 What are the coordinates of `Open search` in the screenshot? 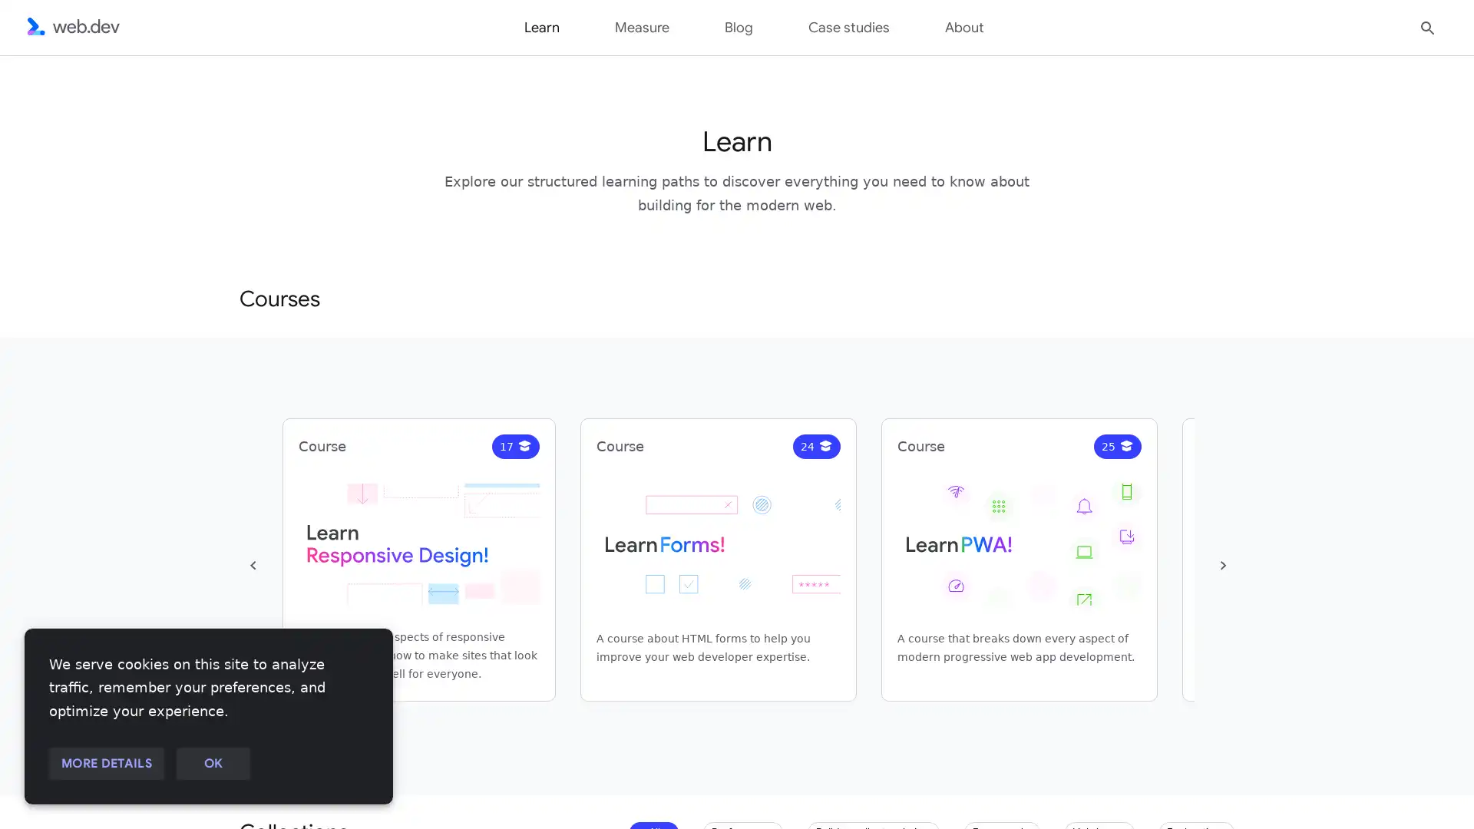 It's located at (1427, 26).